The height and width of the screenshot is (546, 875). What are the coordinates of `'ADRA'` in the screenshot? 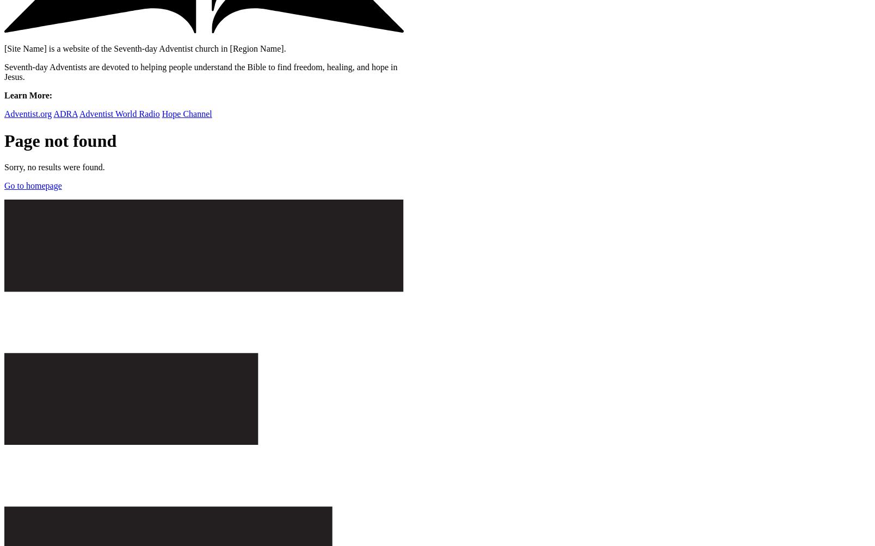 It's located at (65, 113).